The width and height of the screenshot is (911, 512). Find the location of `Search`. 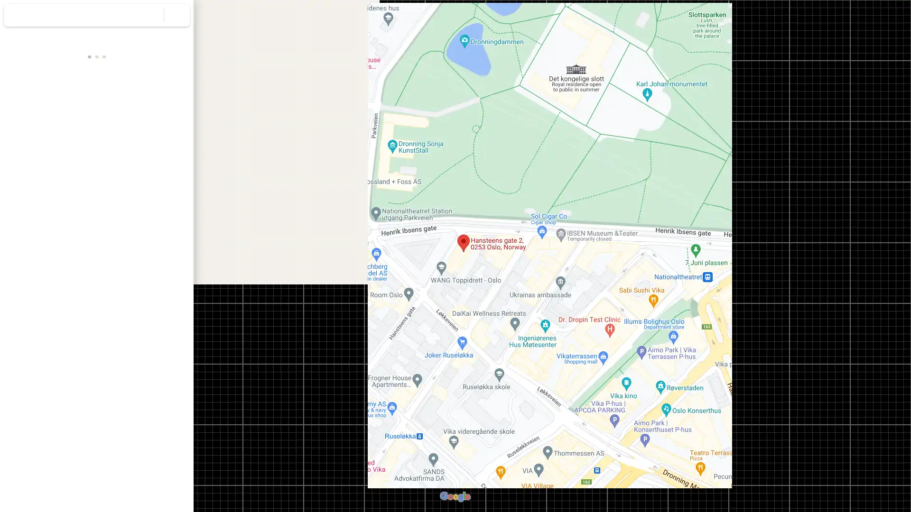

Search is located at coordinates (150, 15).